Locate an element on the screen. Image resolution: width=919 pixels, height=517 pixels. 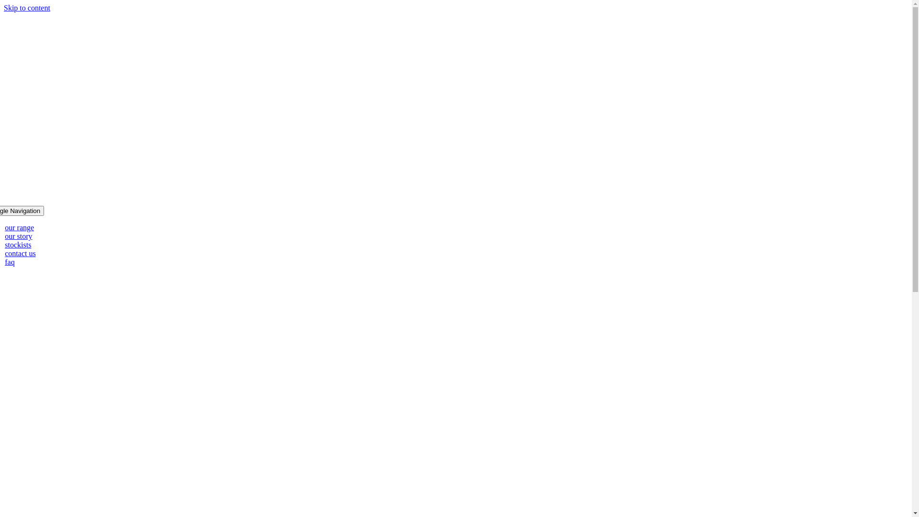
'our range' is located at coordinates (4, 227).